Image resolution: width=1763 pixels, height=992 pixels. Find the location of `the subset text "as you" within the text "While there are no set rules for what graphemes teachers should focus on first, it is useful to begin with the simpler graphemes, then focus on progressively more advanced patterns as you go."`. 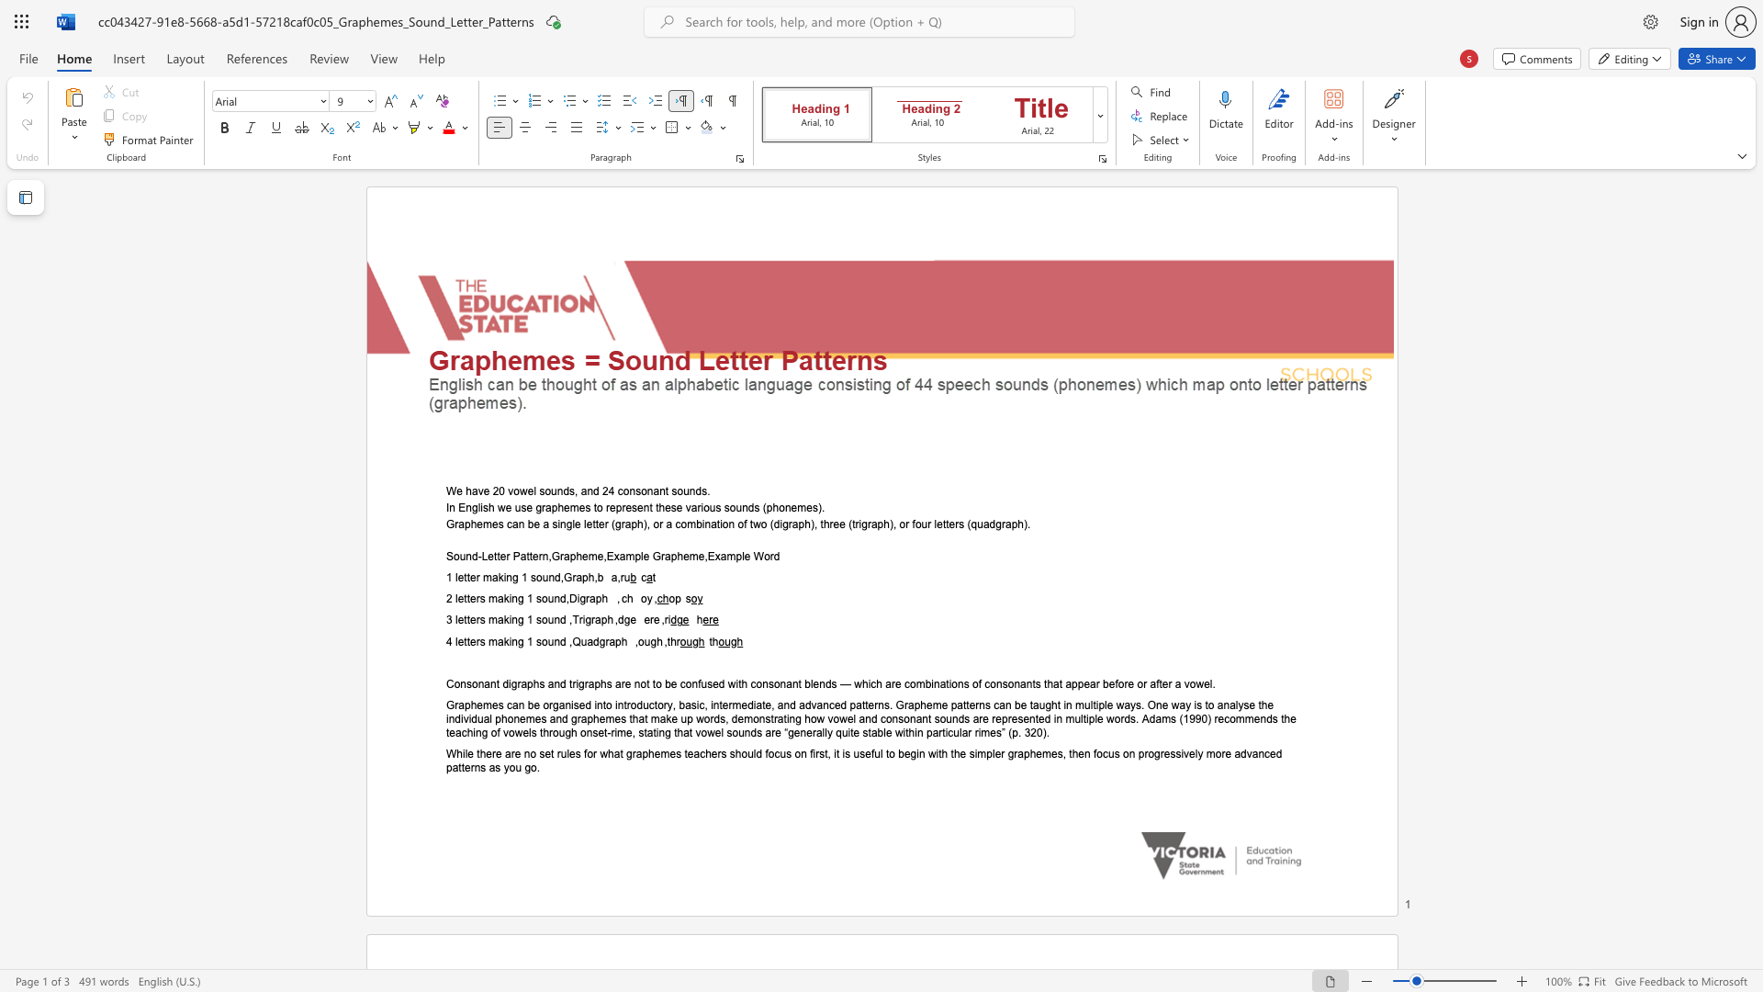

the subset text "as you" within the text "While there are no set rules for what graphemes teachers should focus on first, it is useful to begin with the simpler graphemes, then focus on progressively more advanced patterns as you go." is located at coordinates (488, 768).